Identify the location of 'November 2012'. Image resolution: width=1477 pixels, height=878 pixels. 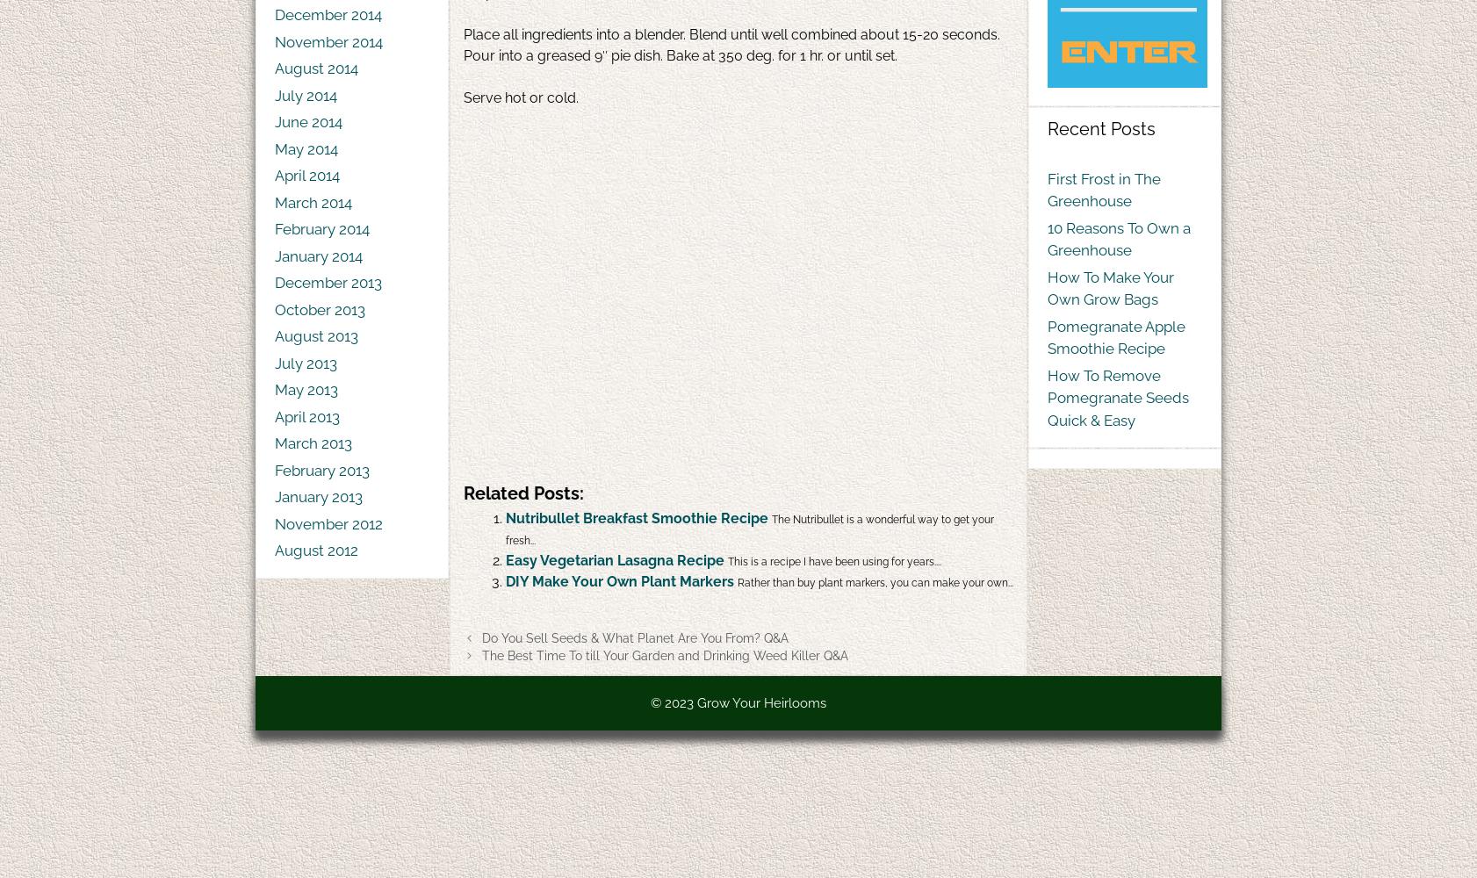
(328, 522).